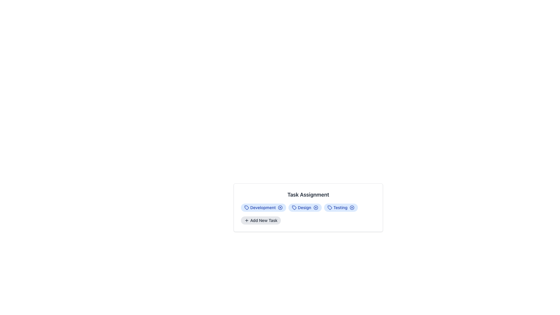 This screenshot has width=560, height=315. Describe the element at coordinates (330, 207) in the screenshot. I see `the tag icon within the 'Testing' chip component located in the 'Task Assignment' section, which is the first graphical element preceding the text 'Testing'` at that location.